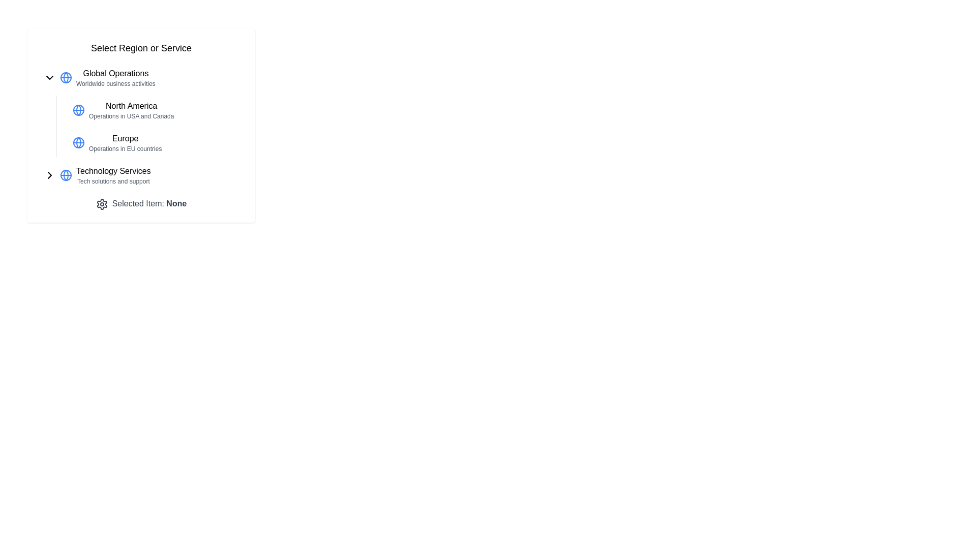  Describe the element at coordinates (49, 77) in the screenshot. I see `the downward-pointing chevron icon` at that location.